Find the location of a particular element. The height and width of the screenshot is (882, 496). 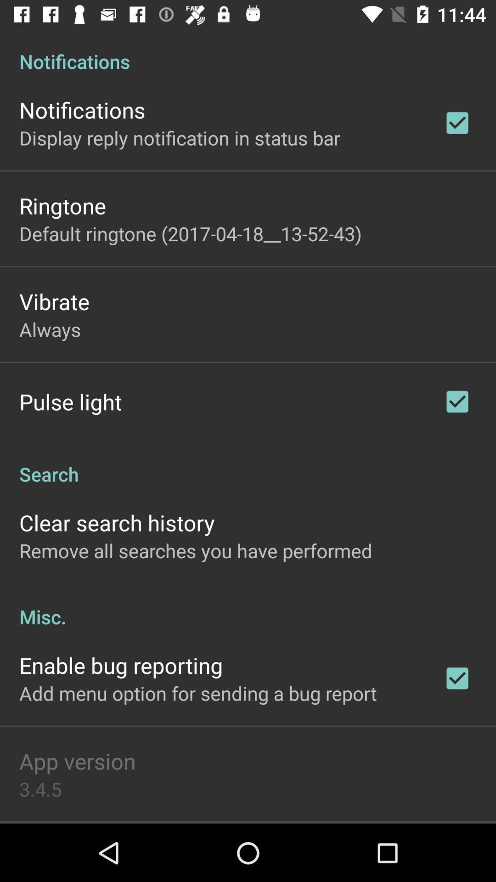

the icon below app version item is located at coordinates (40, 788).